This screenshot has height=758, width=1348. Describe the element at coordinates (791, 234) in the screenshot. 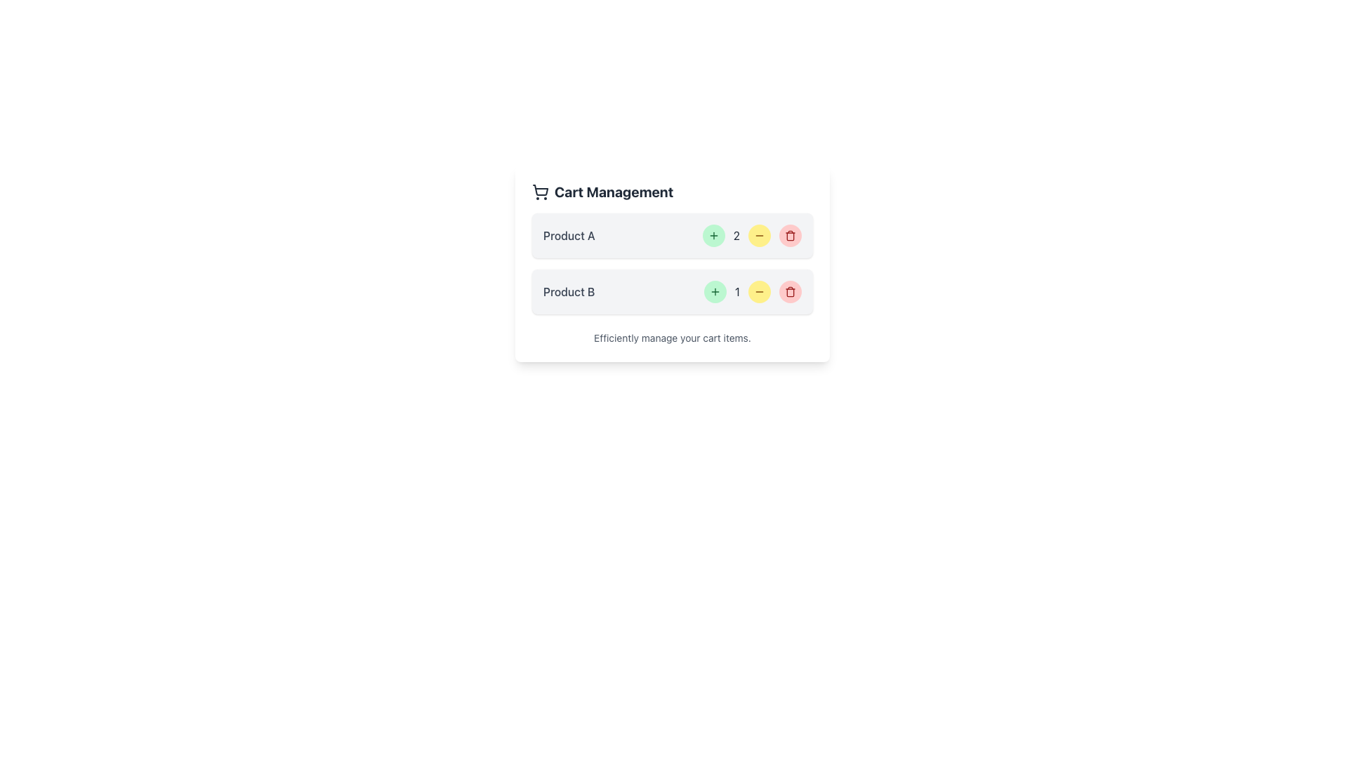

I see `the delete button associated with 'Product A' in the first product row` at that location.